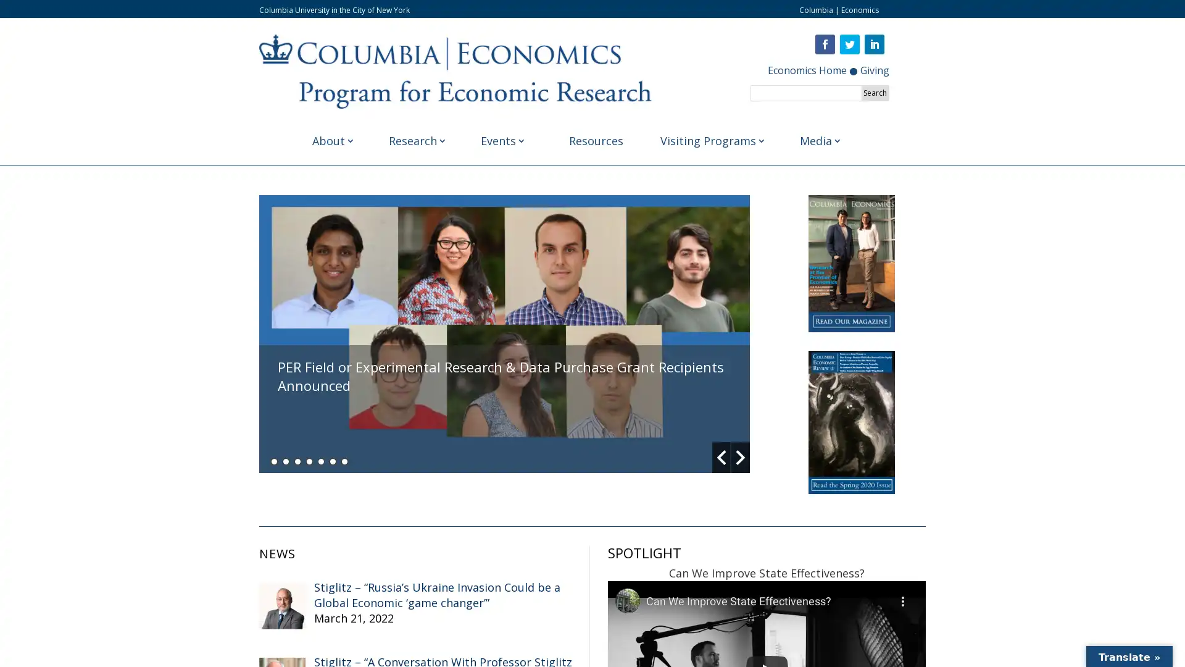  Describe the element at coordinates (321, 461) in the screenshot. I see `5` at that location.